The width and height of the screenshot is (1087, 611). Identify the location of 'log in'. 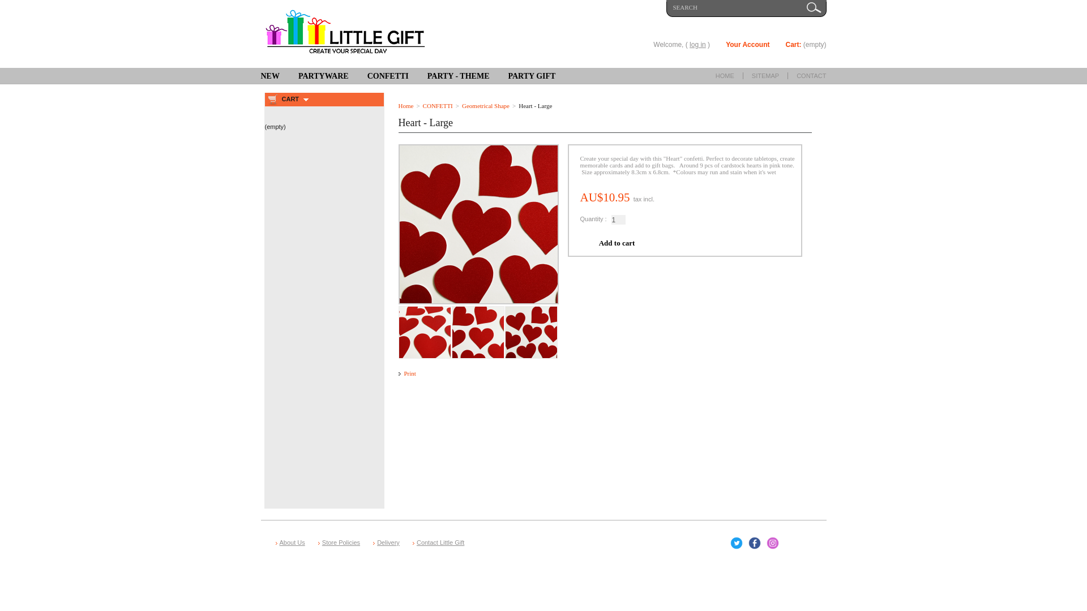
(697, 44).